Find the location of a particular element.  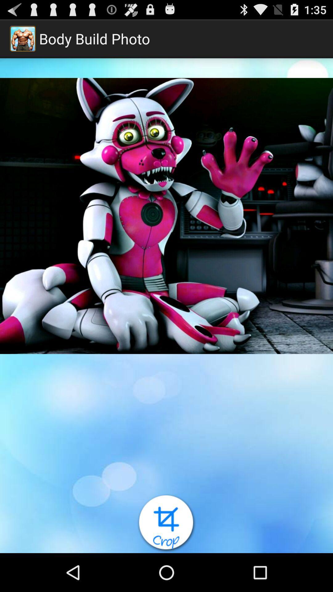

crop this picture is located at coordinates (166, 523).